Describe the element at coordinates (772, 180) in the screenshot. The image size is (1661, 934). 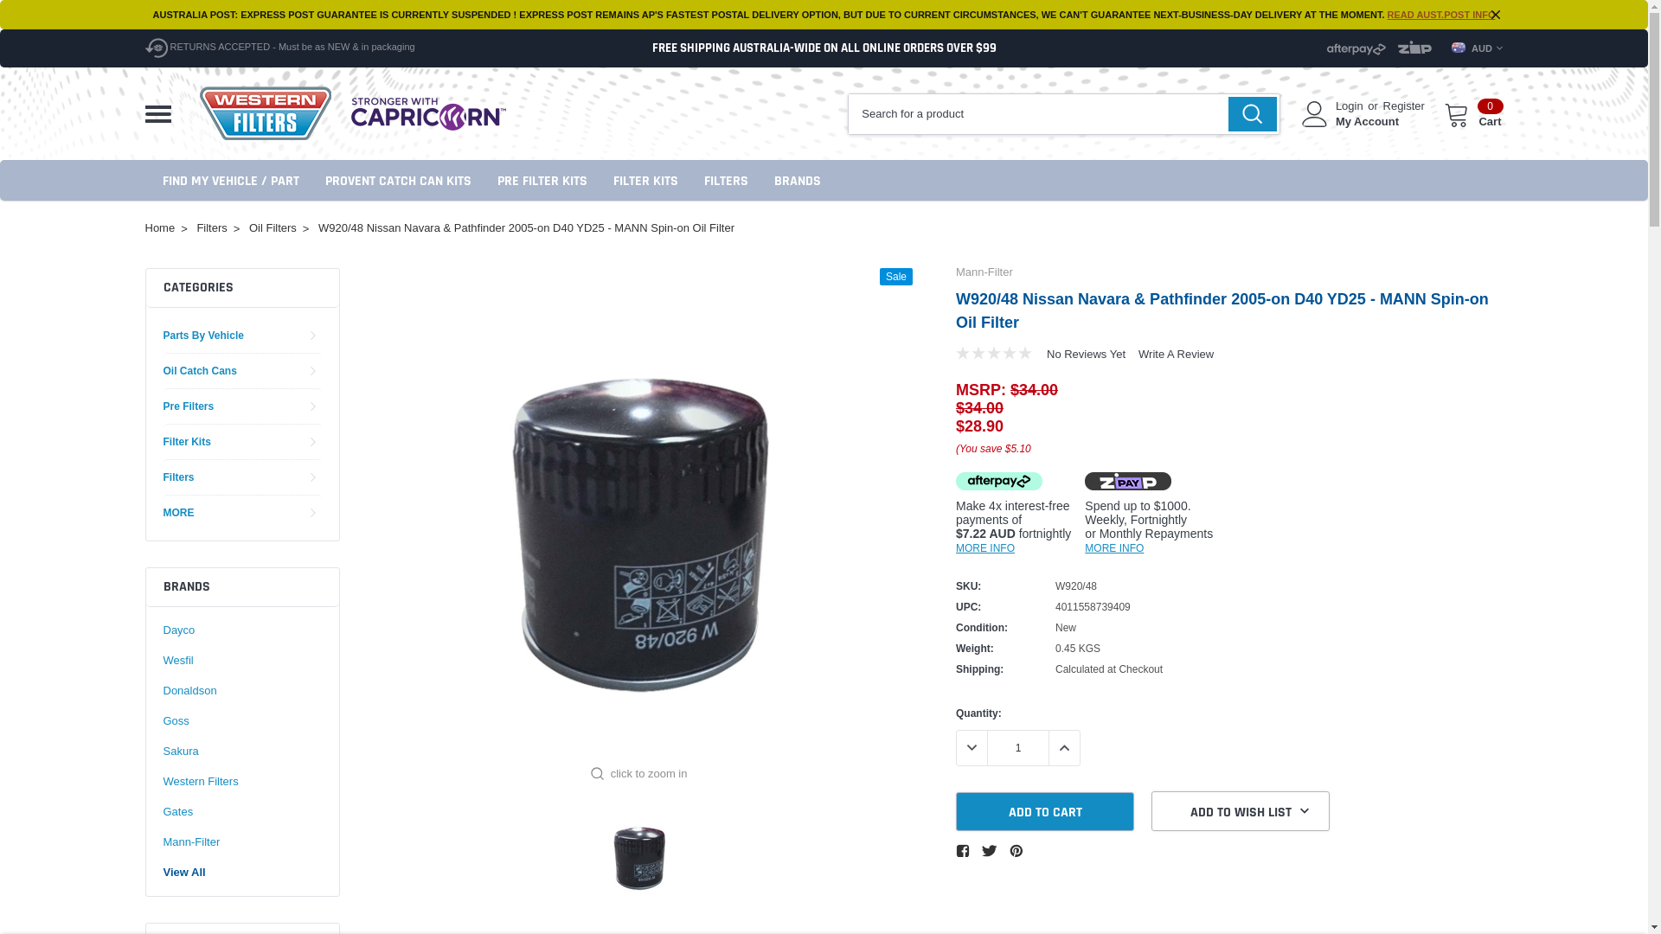
I see `'BRANDS'` at that location.